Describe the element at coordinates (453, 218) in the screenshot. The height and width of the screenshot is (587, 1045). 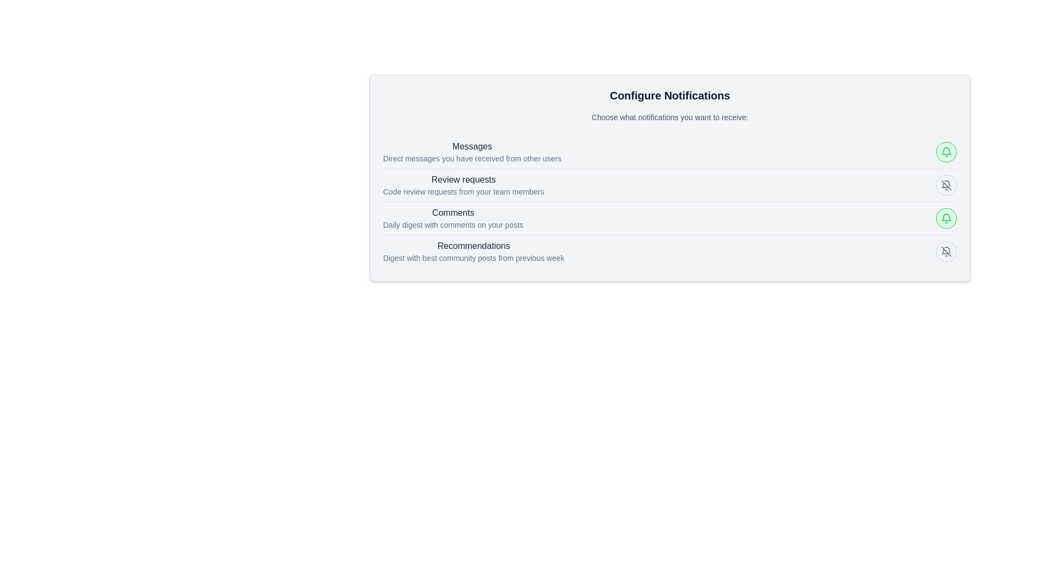
I see `the descriptive label for the notification setting related to receiving daily digests of comments on the user's posts, which is the third item in a vertically stacked list of notification settings` at that location.